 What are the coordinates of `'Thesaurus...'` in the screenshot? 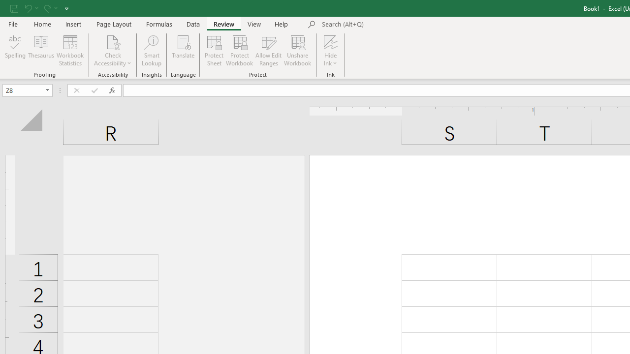 It's located at (40, 51).